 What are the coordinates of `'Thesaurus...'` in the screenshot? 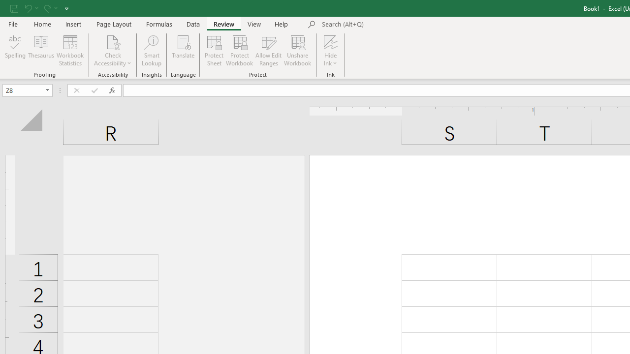 It's located at (40, 51).